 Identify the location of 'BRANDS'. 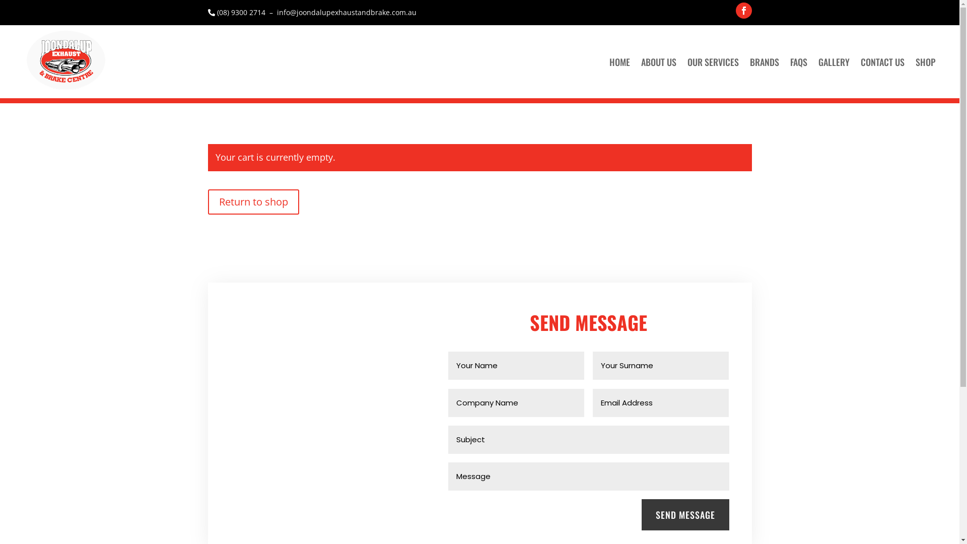
(764, 61).